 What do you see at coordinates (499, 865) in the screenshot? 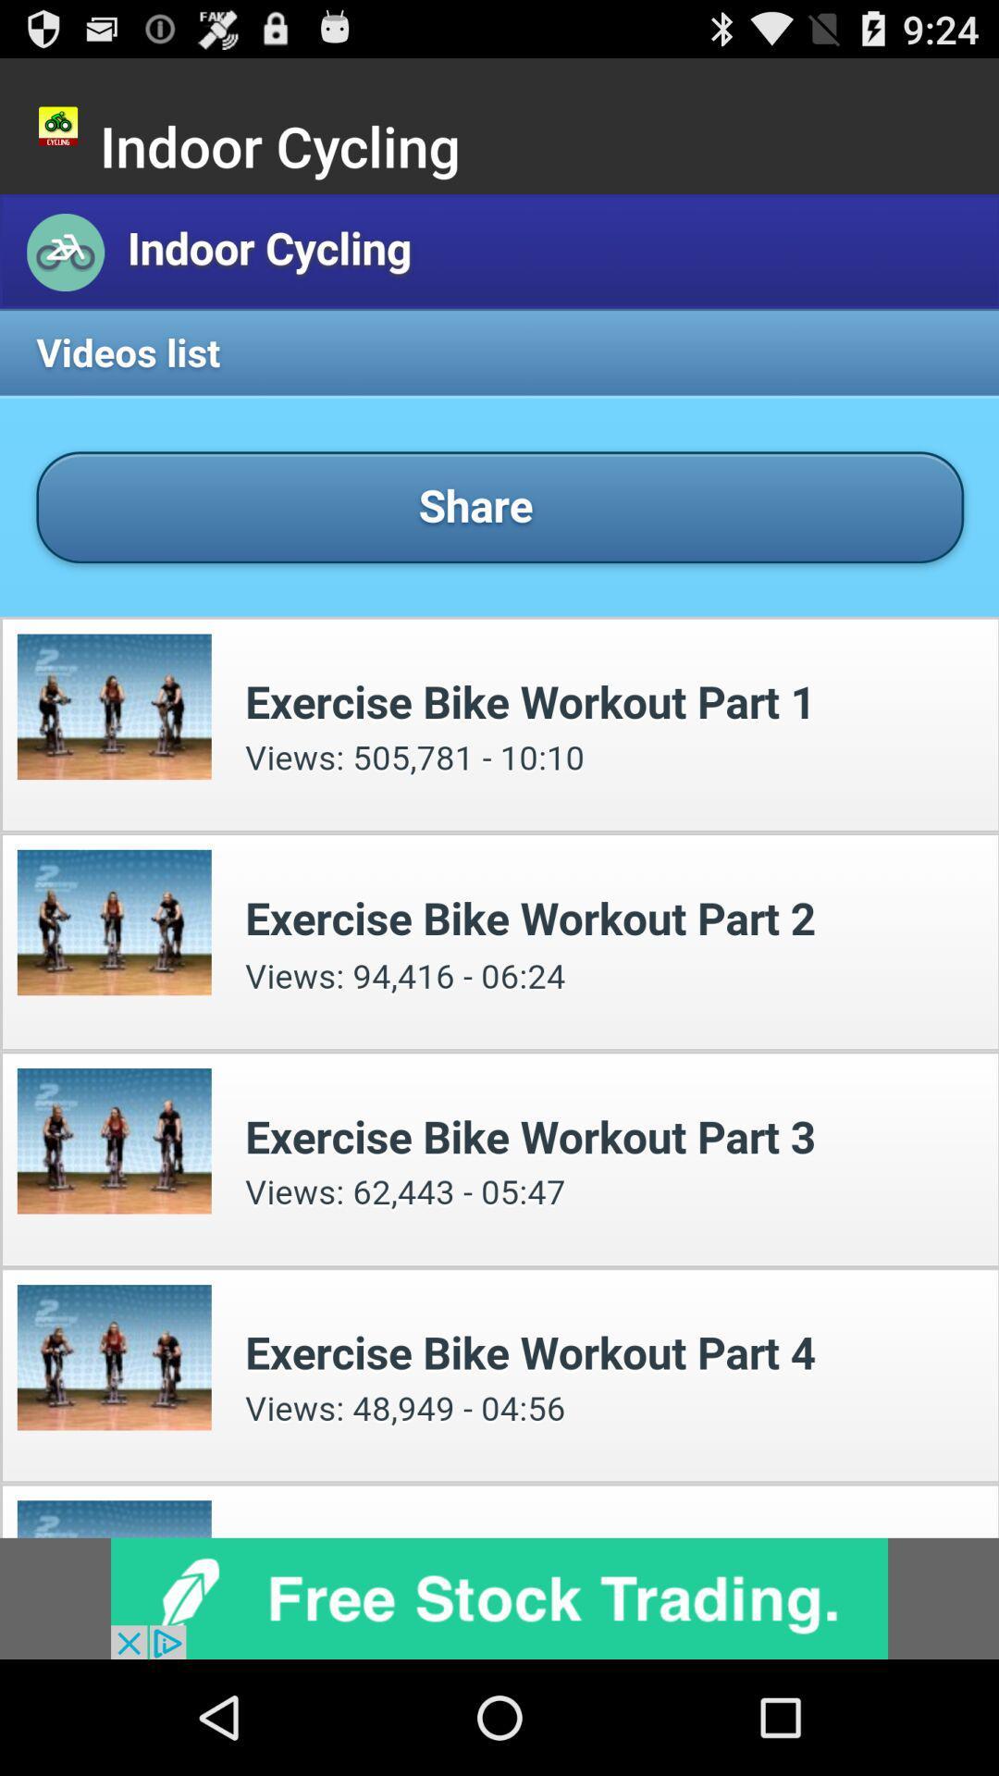
I see `explore indoor cycling details` at bounding box center [499, 865].